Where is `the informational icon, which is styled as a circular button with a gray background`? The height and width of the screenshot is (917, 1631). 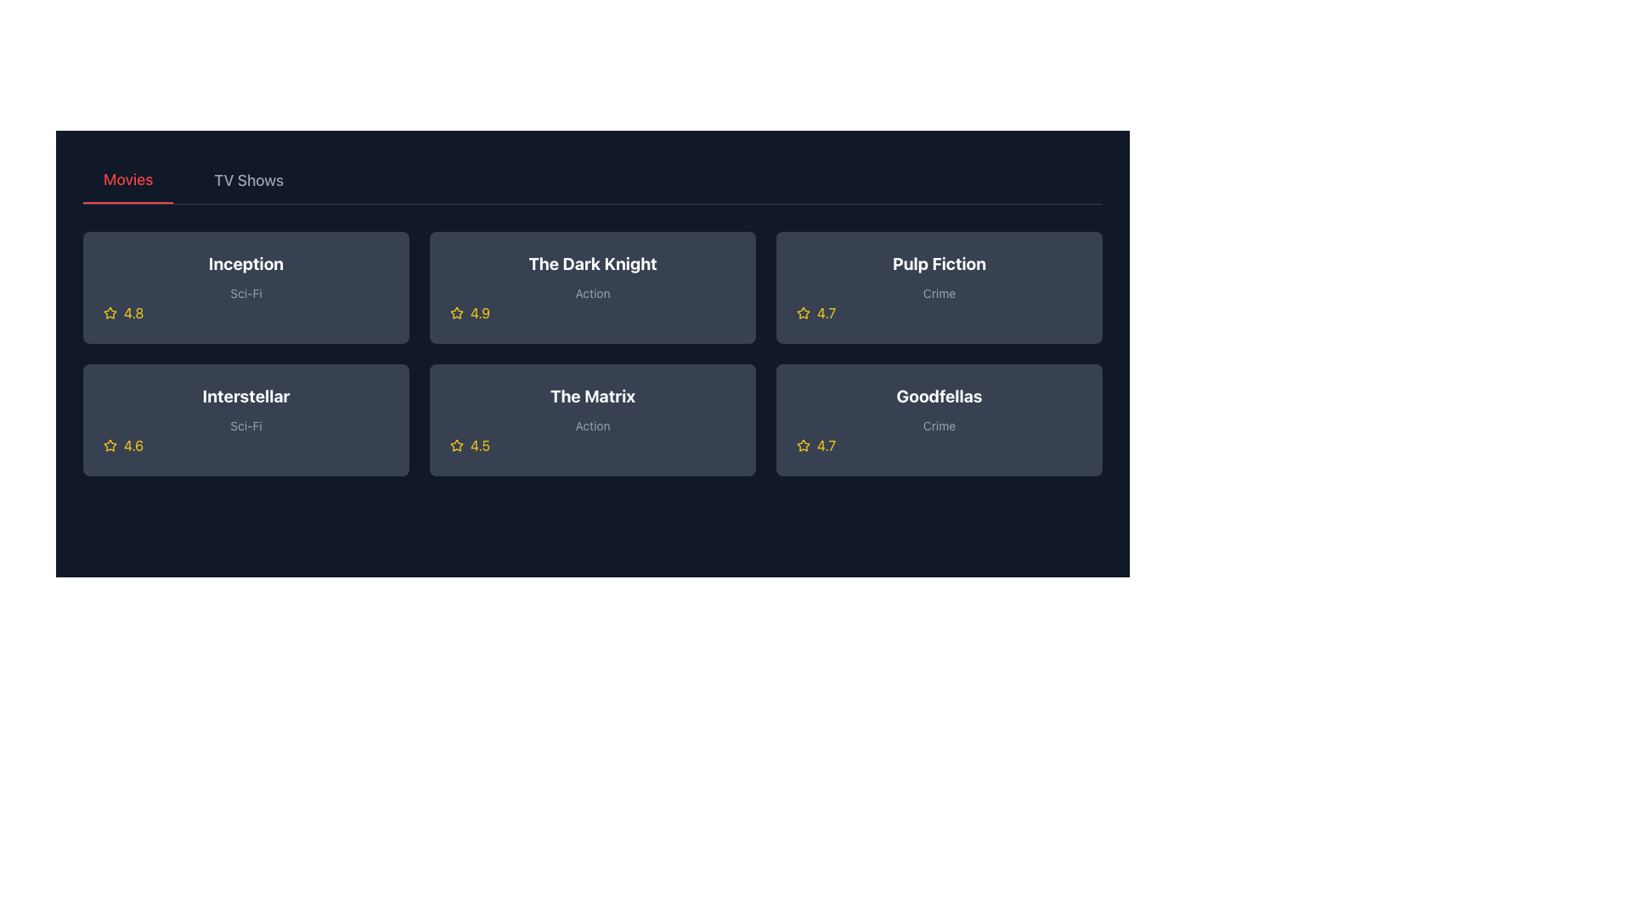
the informational icon, which is styled as a circular button with a gray background is located at coordinates (938, 419).